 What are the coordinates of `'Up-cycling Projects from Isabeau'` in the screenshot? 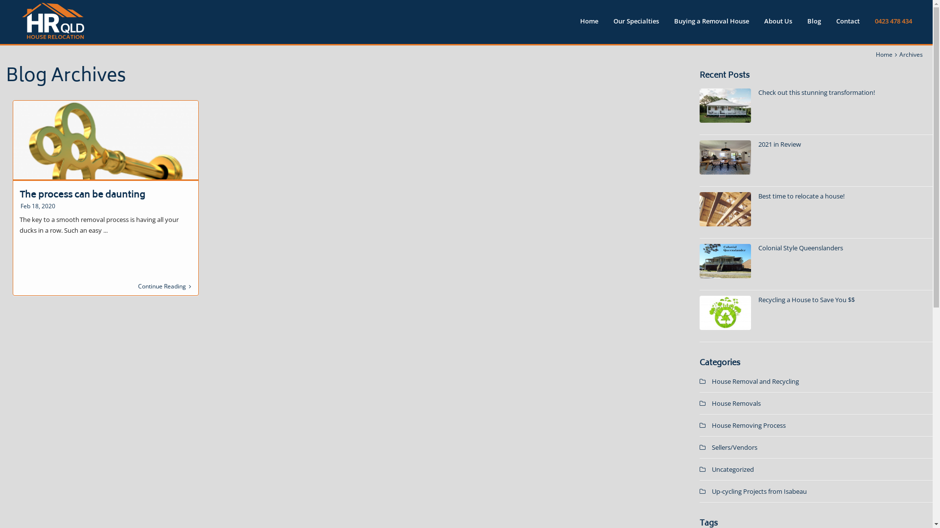 It's located at (758, 491).